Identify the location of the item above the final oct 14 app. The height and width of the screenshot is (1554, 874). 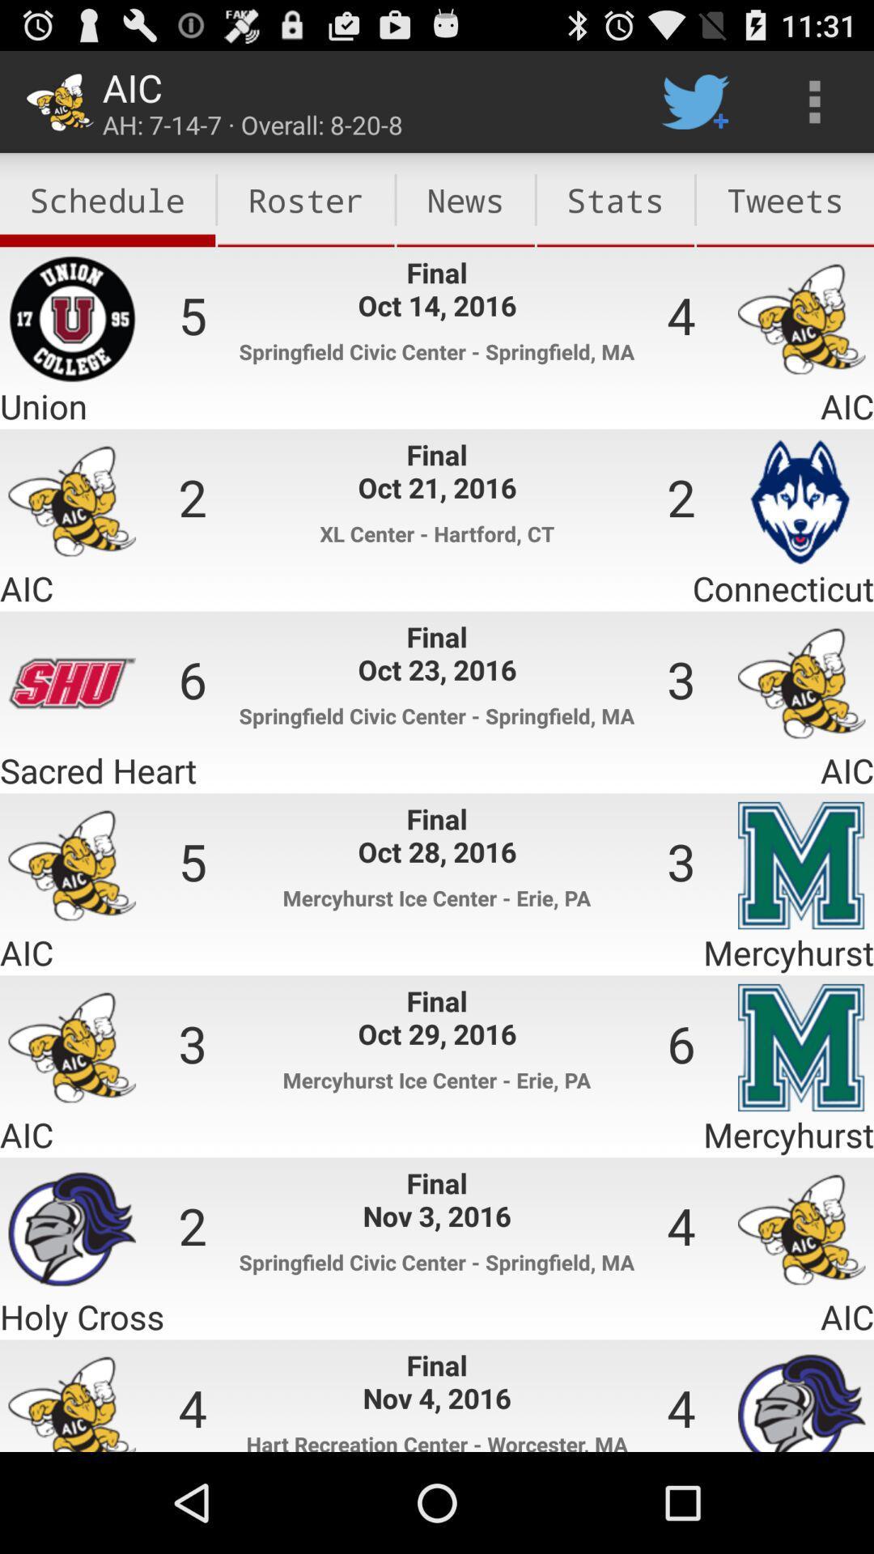
(465, 199).